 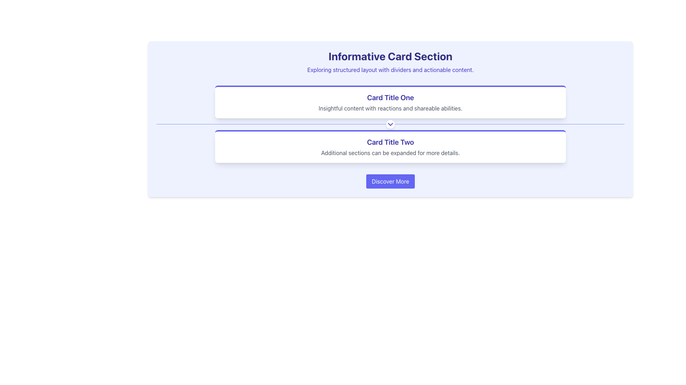 I want to click on the downward-facing chevron icon with a white circular background and indigo coloring, which is centered along a horizontal divider, so click(x=390, y=123).